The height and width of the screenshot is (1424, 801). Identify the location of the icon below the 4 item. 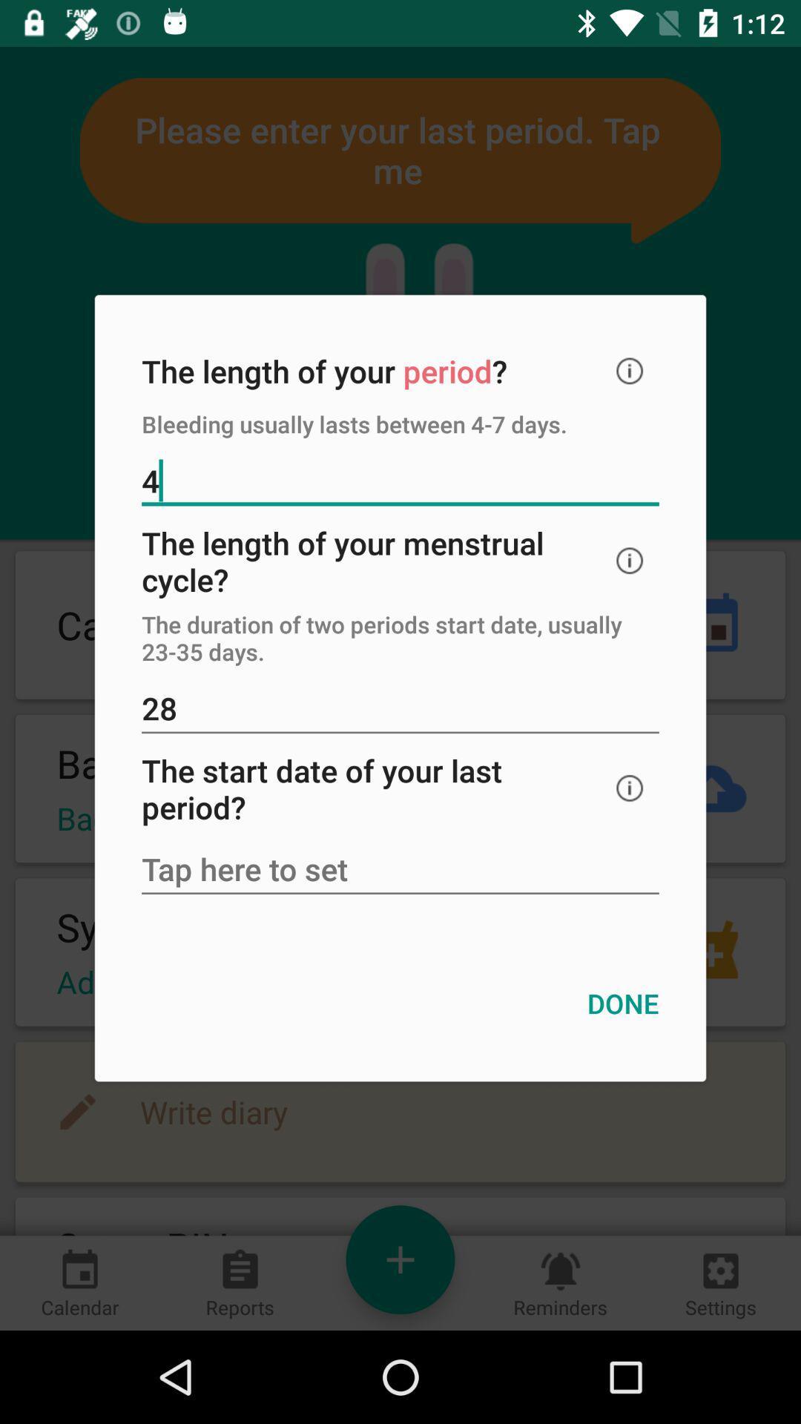
(630, 560).